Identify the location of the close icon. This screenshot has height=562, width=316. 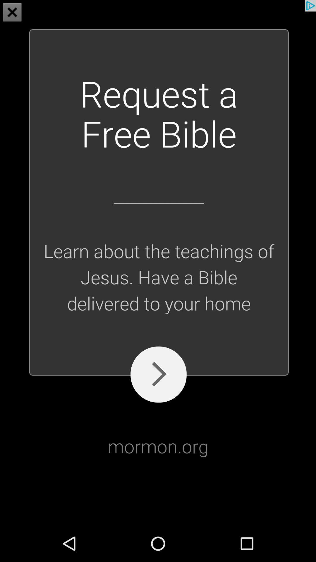
(12, 13).